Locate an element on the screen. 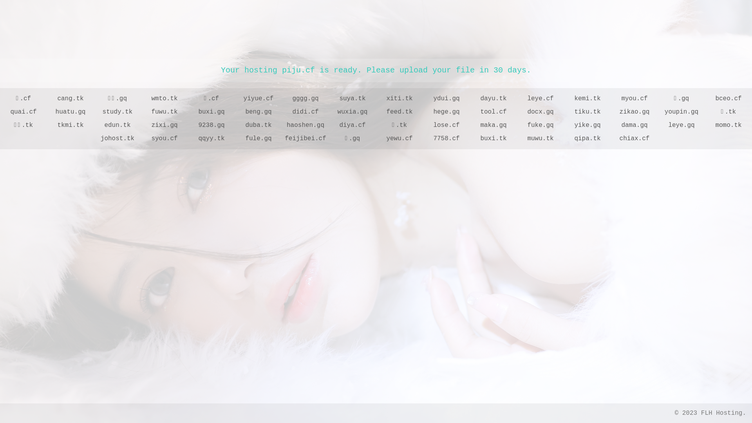 This screenshot has width=752, height=423. 'duba.tk' is located at coordinates (258, 125).